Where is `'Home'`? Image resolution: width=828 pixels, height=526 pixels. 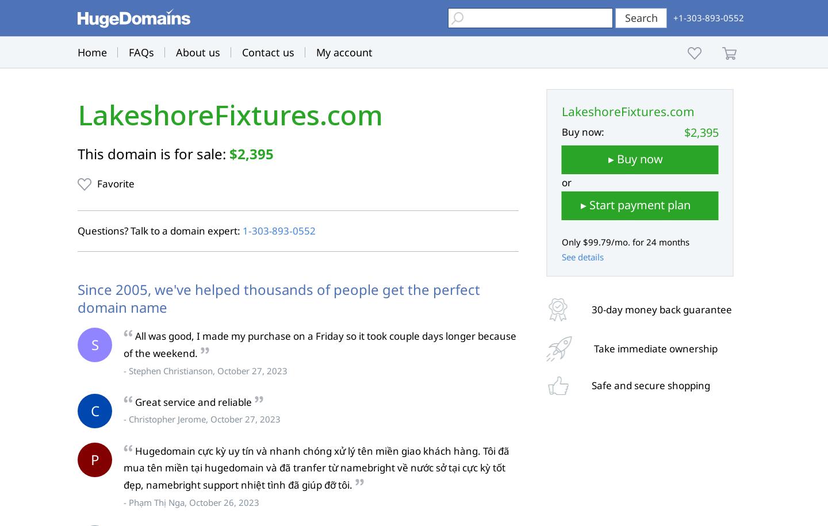
'Home' is located at coordinates (77, 52).